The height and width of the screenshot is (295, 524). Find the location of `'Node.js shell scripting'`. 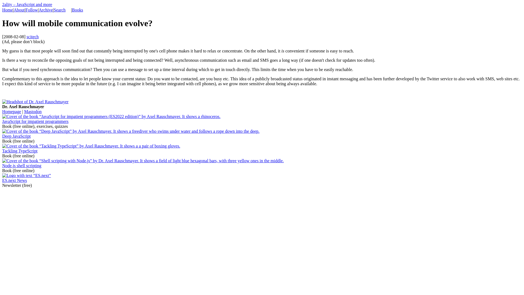

'Node.js shell scripting' is located at coordinates (2, 165).